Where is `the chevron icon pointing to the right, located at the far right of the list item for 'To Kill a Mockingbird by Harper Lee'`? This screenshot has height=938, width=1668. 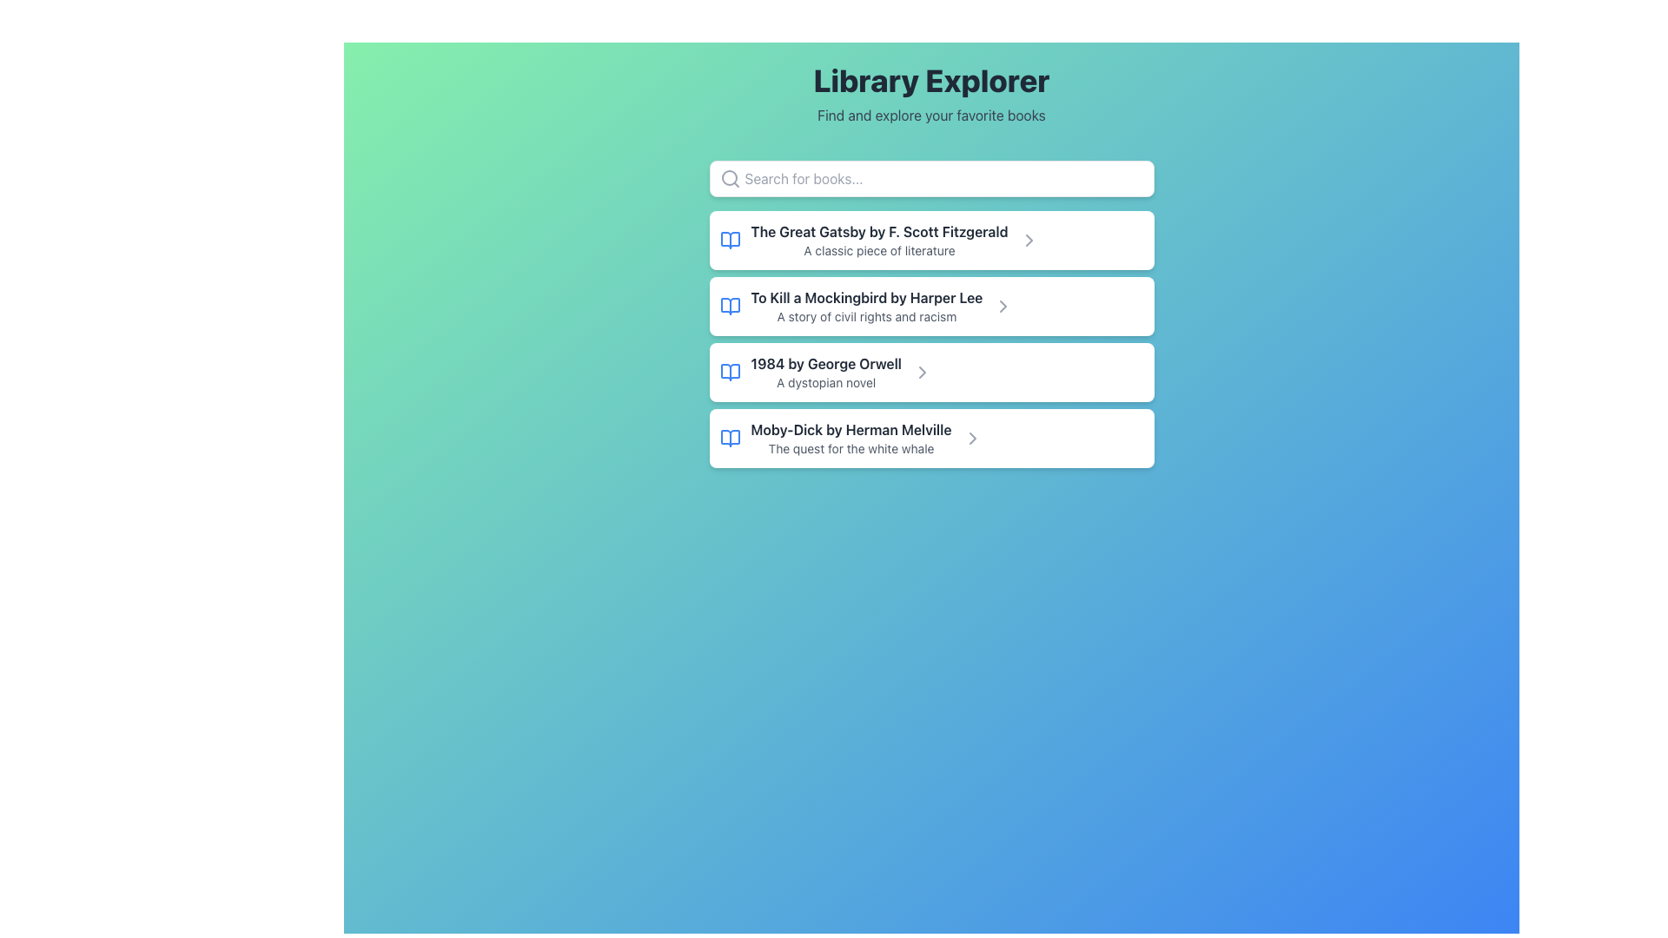 the chevron icon pointing to the right, located at the far right of the list item for 'To Kill a Mockingbird by Harper Lee' is located at coordinates (1003, 306).